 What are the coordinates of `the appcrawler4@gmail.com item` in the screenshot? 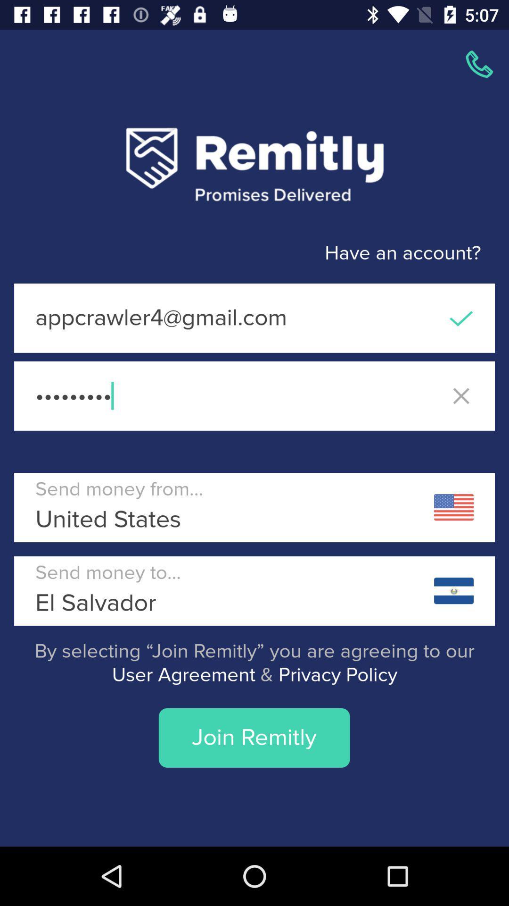 It's located at (254, 318).